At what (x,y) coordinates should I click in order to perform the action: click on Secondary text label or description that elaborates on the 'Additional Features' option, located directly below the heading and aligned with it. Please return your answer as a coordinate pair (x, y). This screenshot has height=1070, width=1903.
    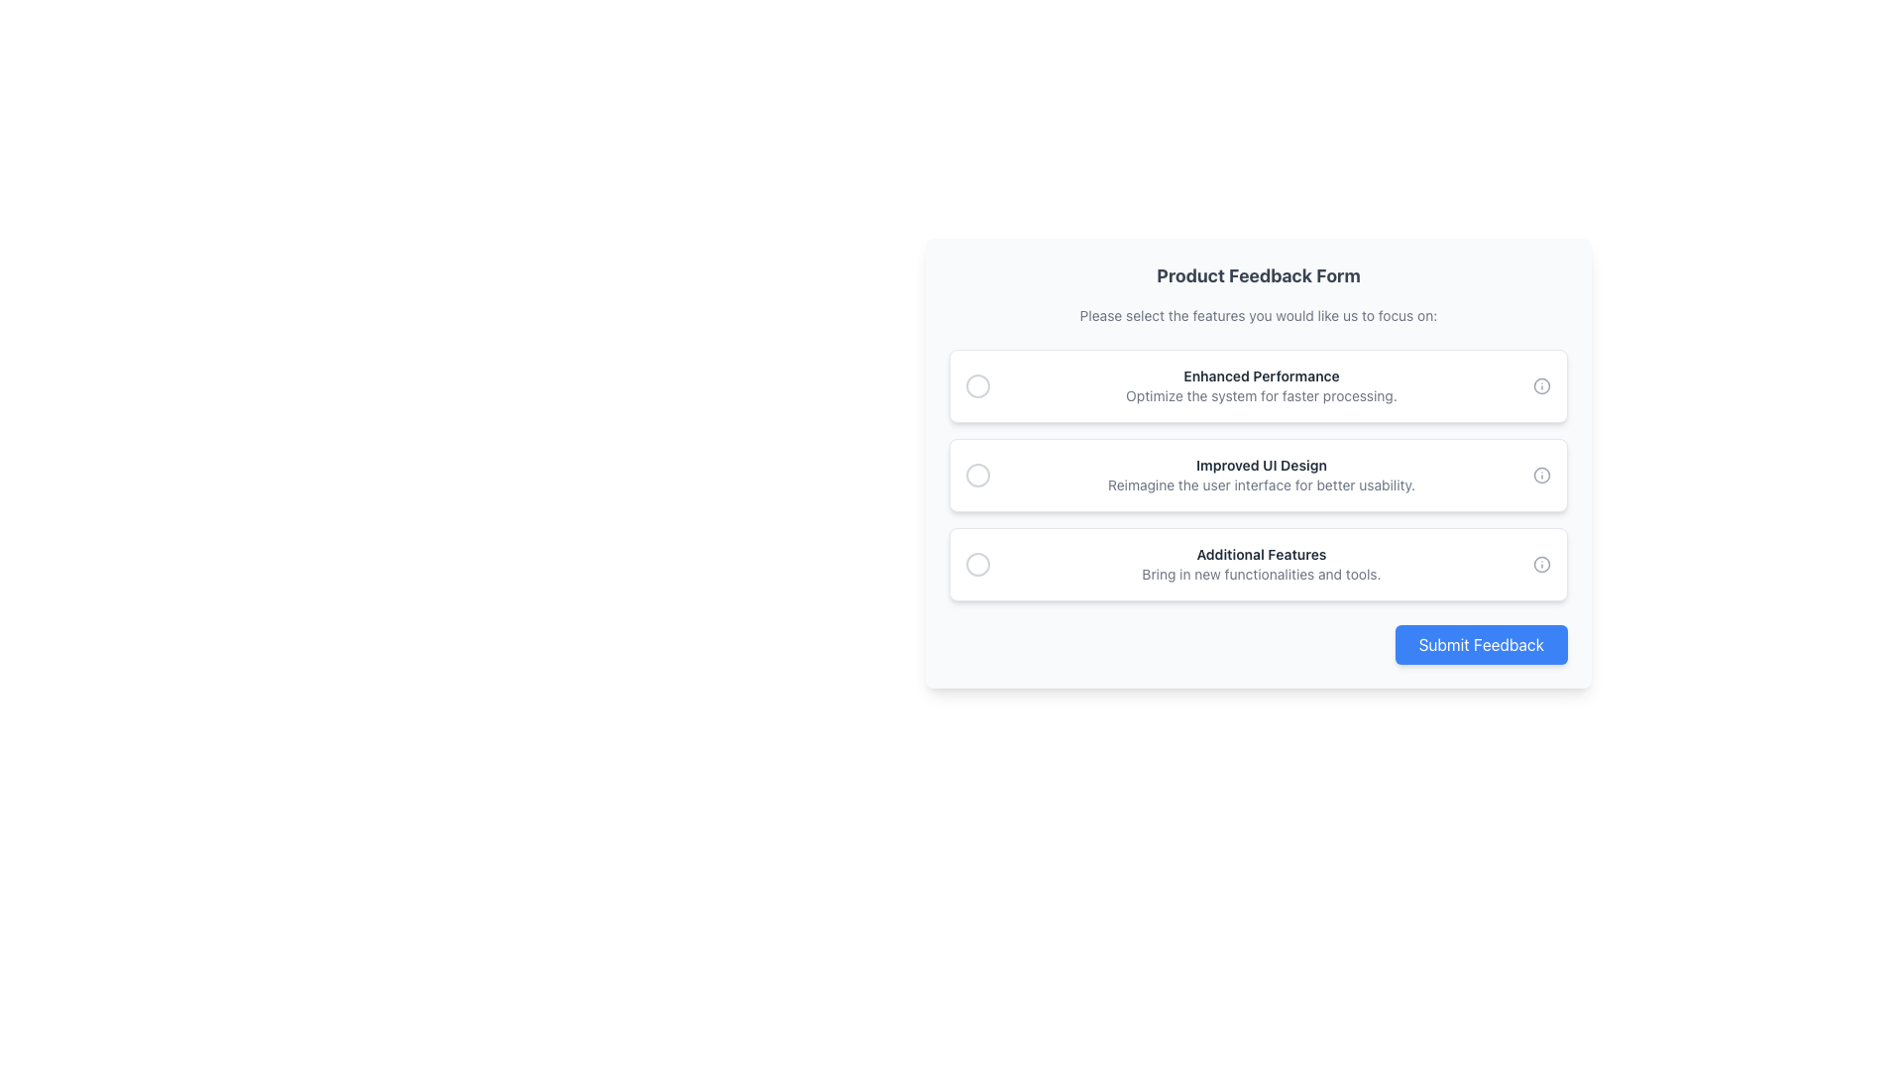
    Looking at the image, I should click on (1260, 574).